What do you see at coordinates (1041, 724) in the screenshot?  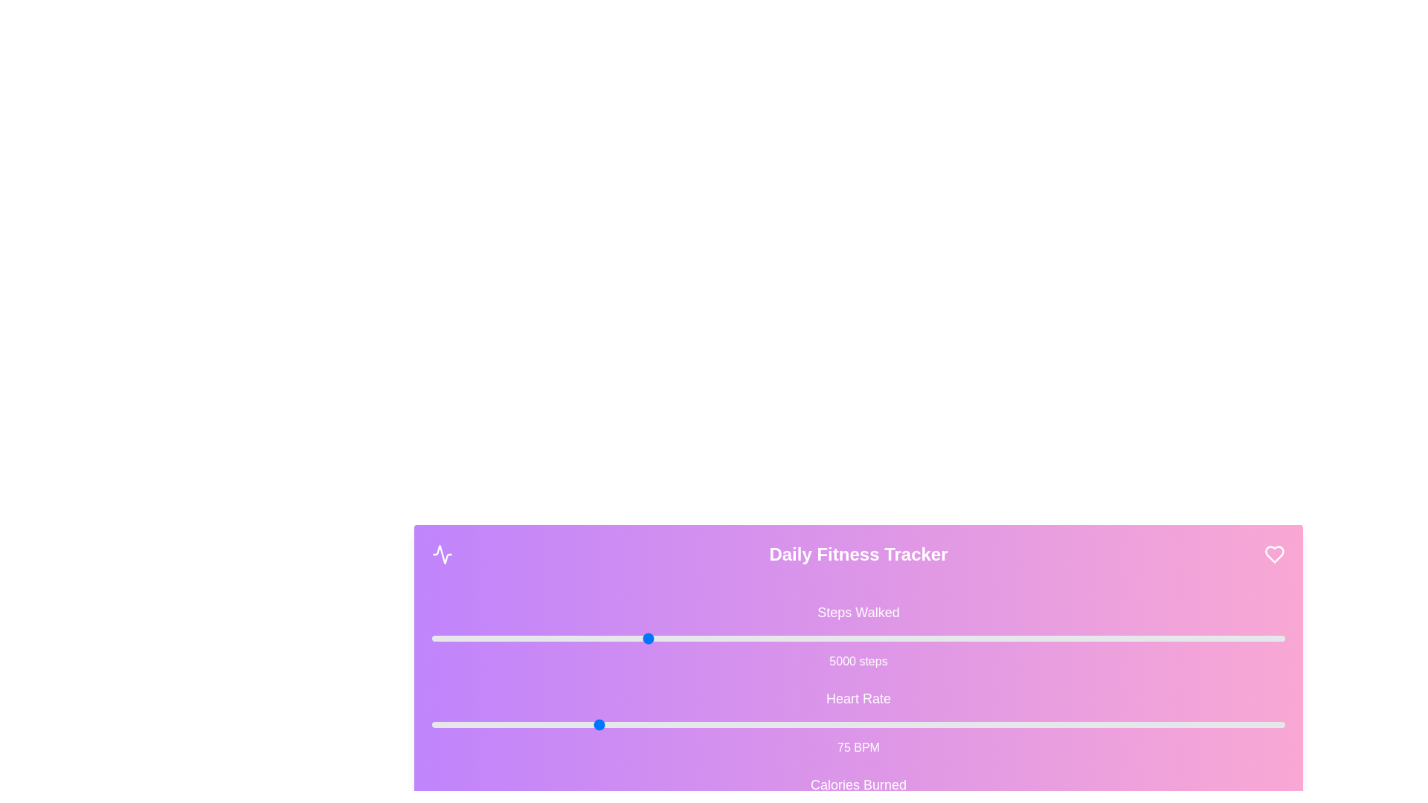 I see `the 'Heart Rate' slider to 143 BPM` at bounding box center [1041, 724].